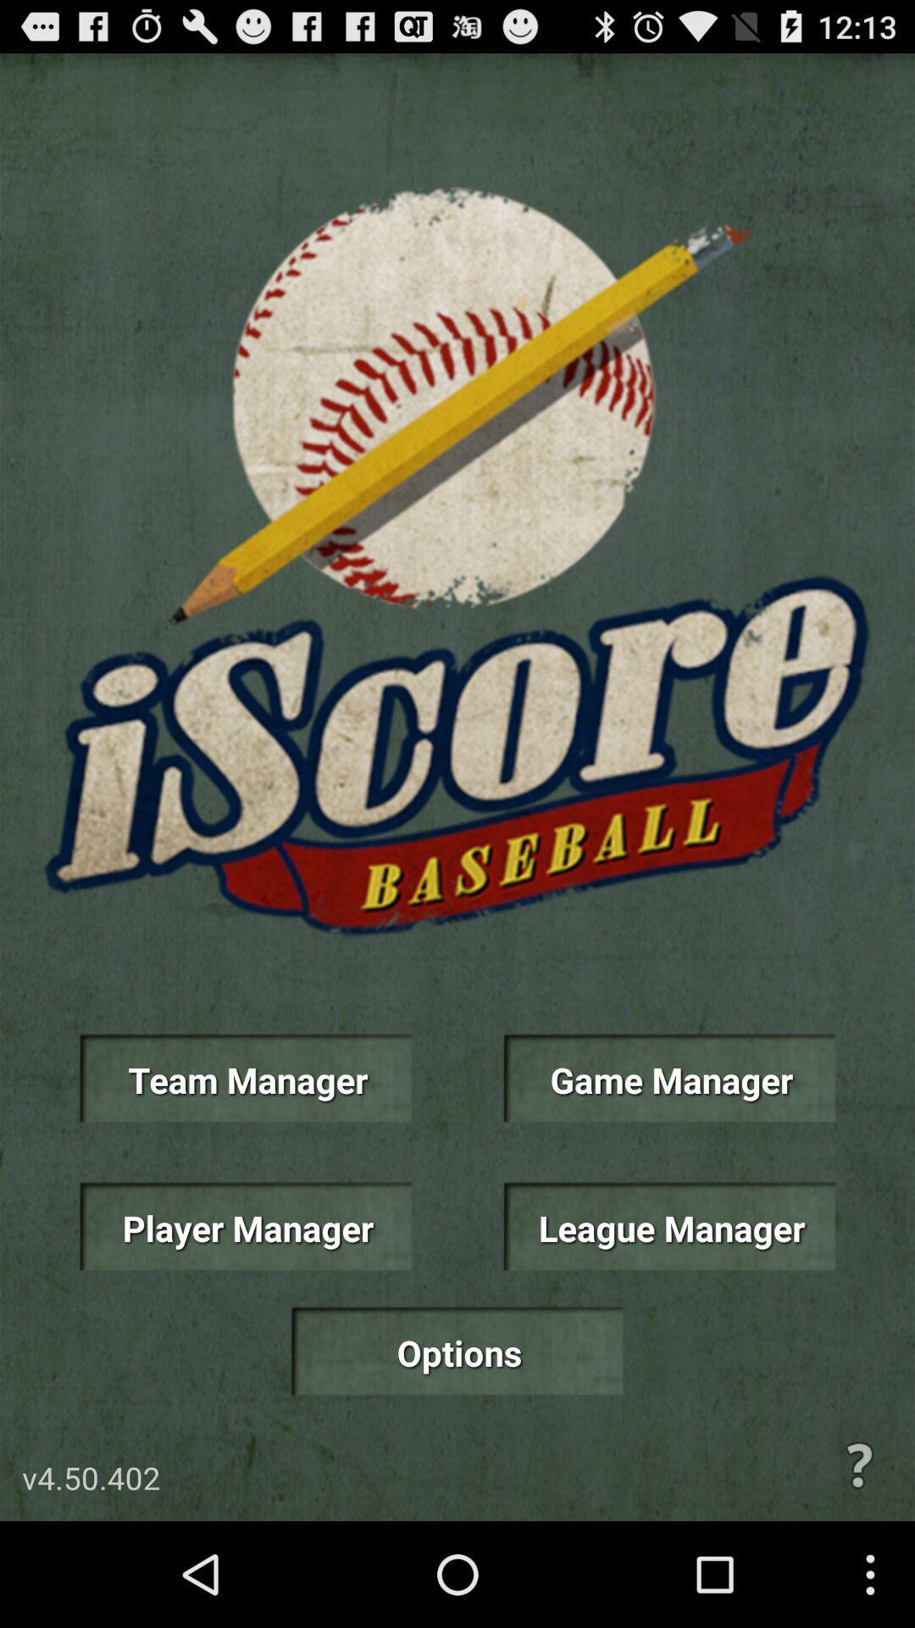  I want to click on icon to the left of game manager, so click(245, 1078).